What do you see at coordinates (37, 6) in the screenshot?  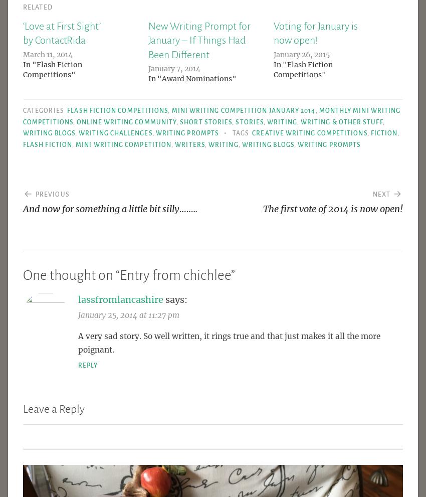 I see `'Related'` at bounding box center [37, 6].